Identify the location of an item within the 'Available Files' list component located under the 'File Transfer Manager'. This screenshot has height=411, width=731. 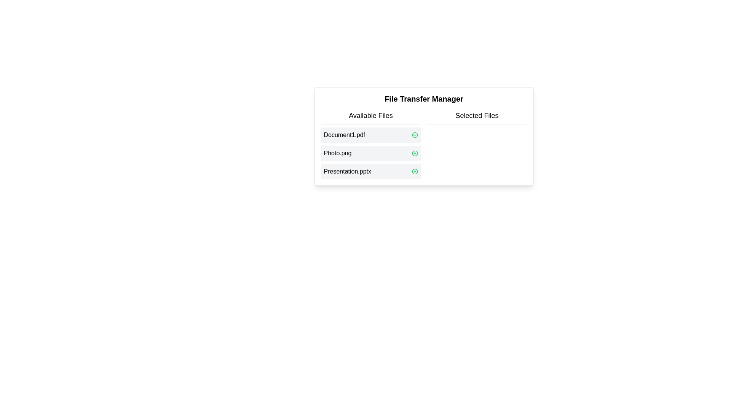
(371, 145).